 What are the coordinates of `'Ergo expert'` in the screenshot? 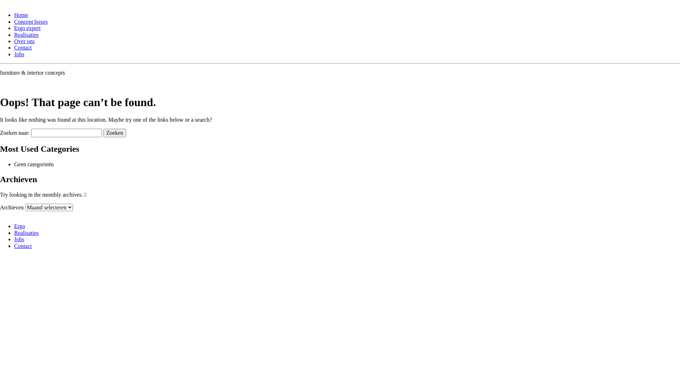 It's located at (27, 28).